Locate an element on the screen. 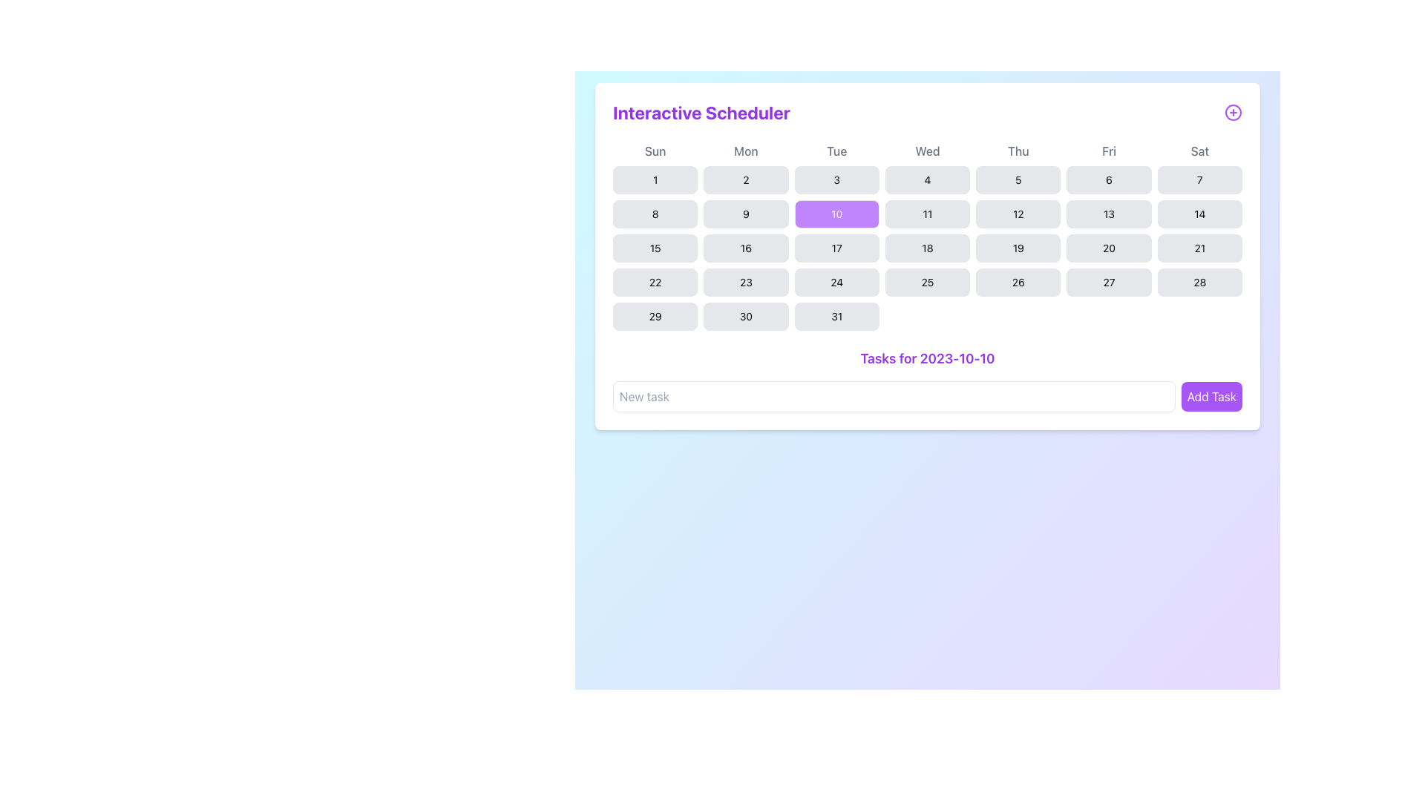  the day selection button located in the 7th row and 4th column of the calendar grid is located at coordinates (926, 283).